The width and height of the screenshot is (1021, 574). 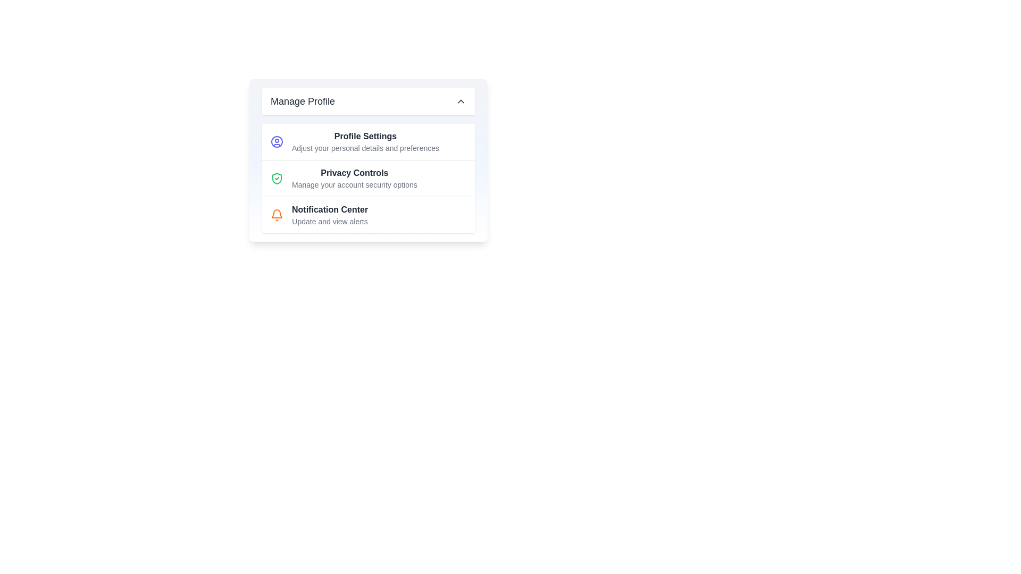 What do you see at coordinates (277, 214) in the screenshot?
I see `the upper section of the bell icon, which is part of the notification symbol used for alerting users about updates and messages` at bounding box center [277, 214].